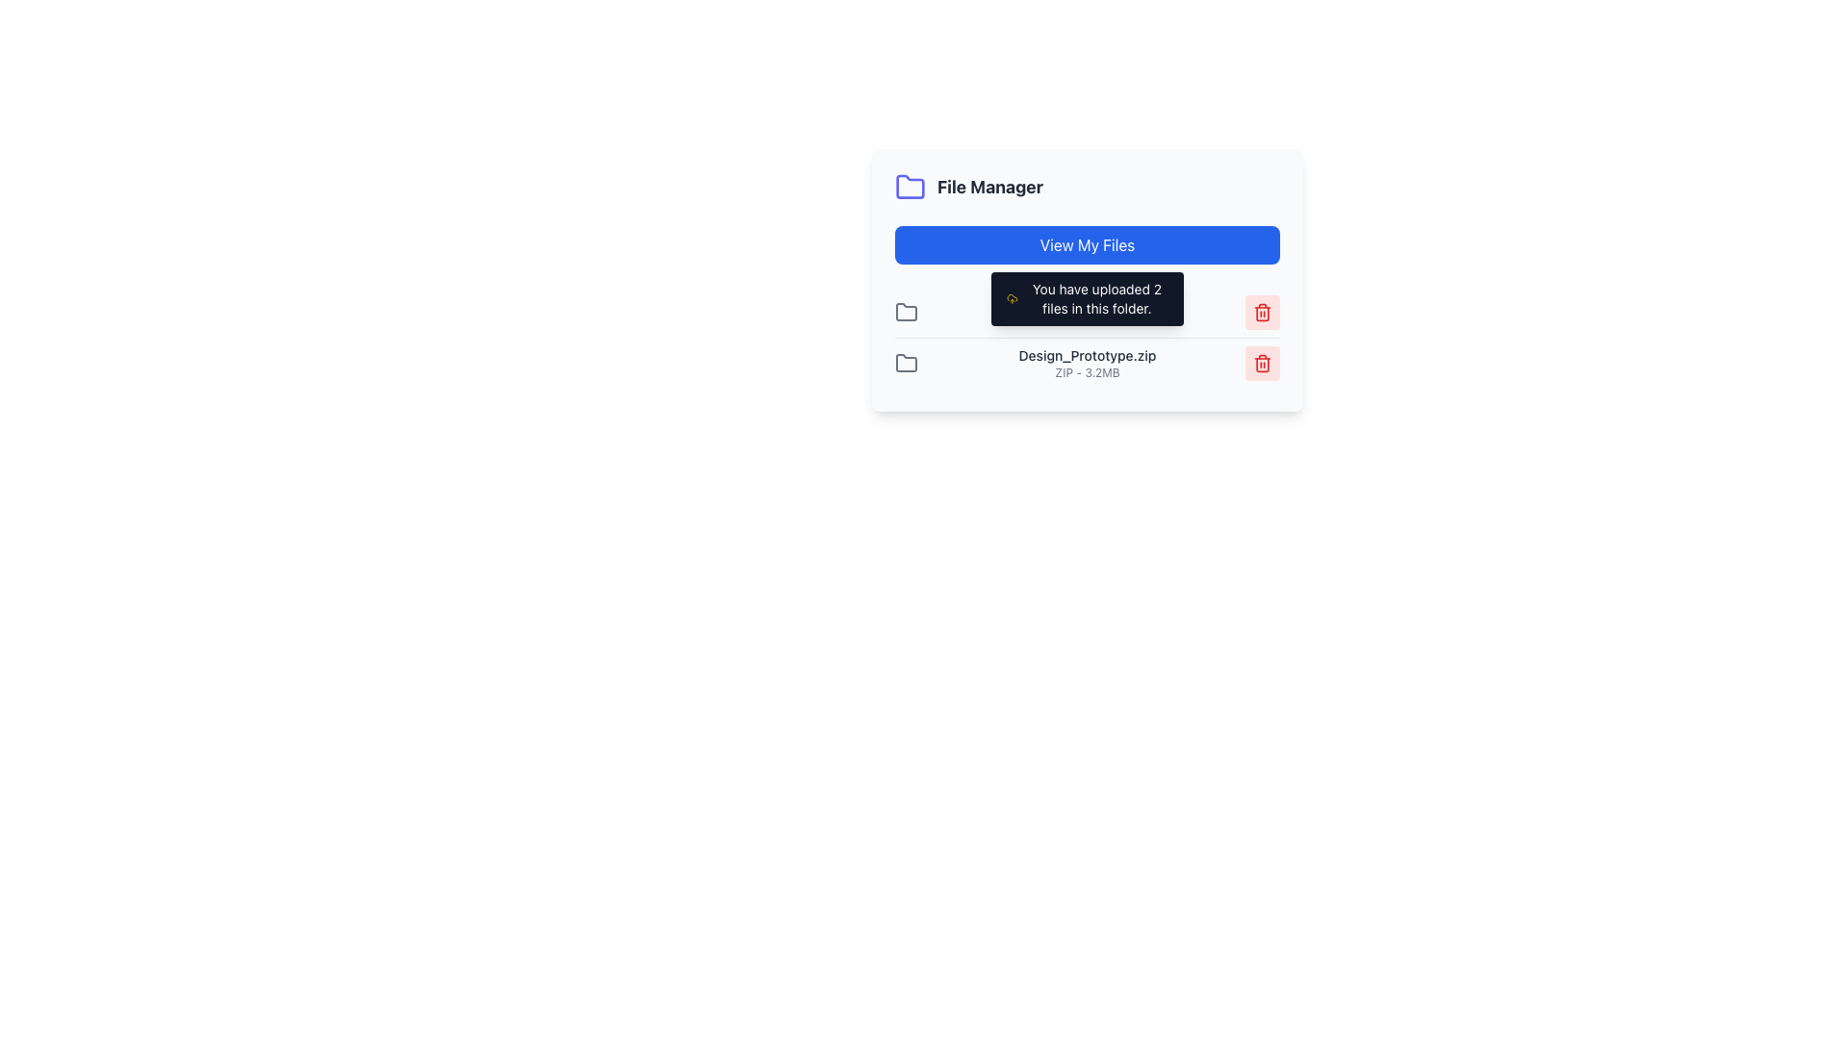 Image resolution: width=1848 pixels, height=1039 pixels. What do you see at coordinates (989, 188) in the screenshot?
I see `the 'File Manager' text label, which serves as a contextual description for the section and is located to the right of a purple folder icon` at bounding box center [989, 188].